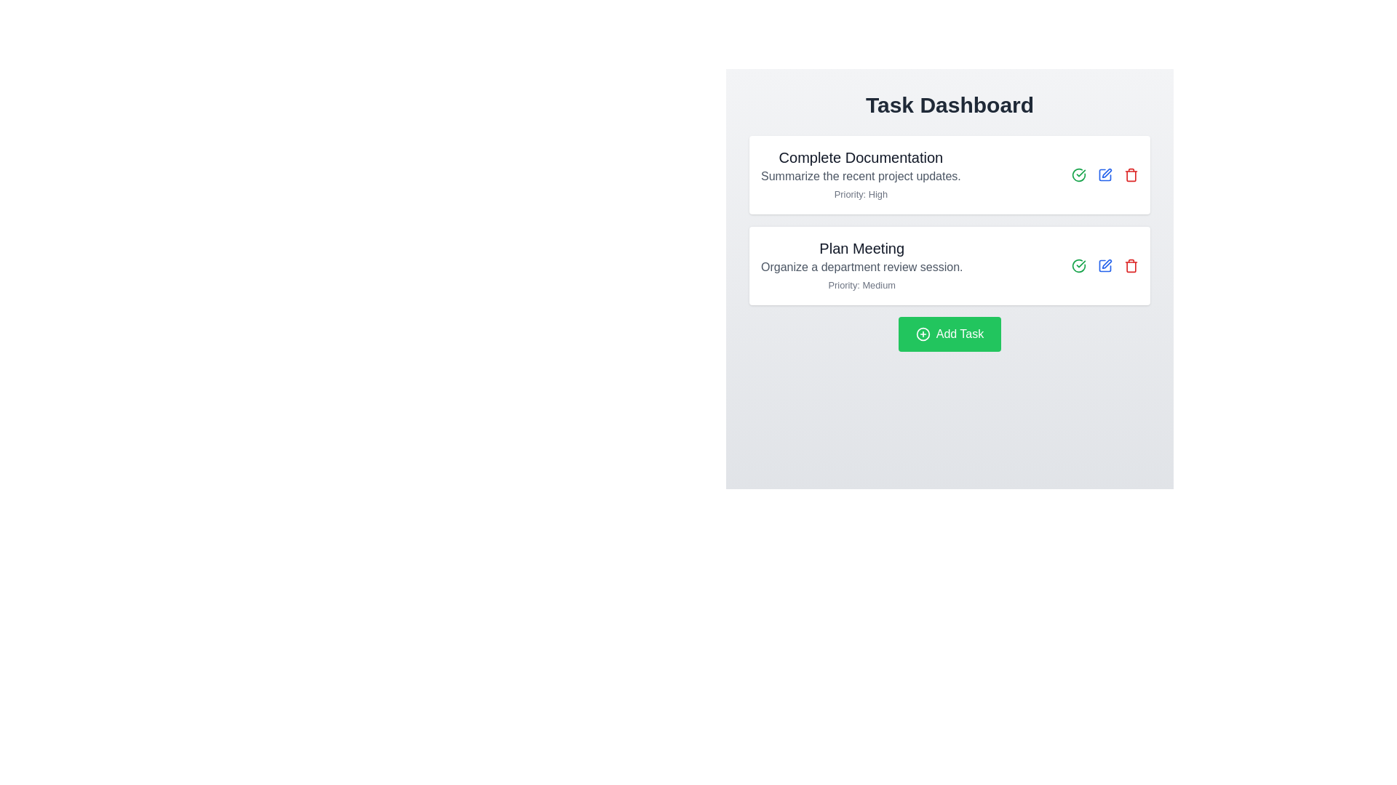 Image resolution: width=1397 pixels, height=785 pixels. I want to click on the red trash icon button, which is the third icon in the action button group for 'Complete Documentation', so click(1131, 174).